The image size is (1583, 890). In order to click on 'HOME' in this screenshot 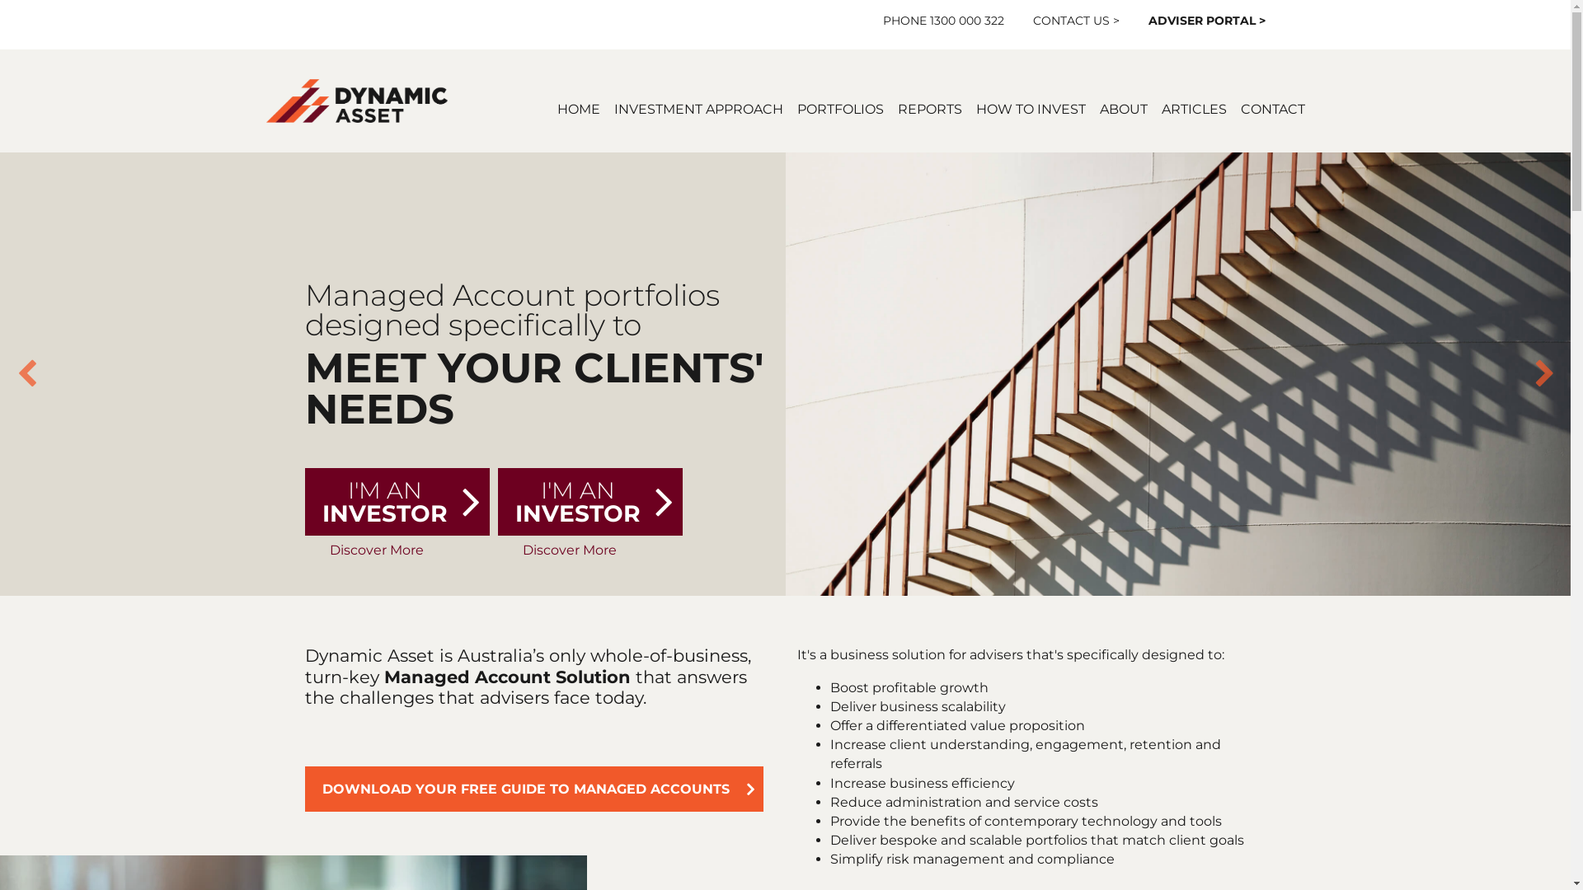, I will do `click(578, 109)`.